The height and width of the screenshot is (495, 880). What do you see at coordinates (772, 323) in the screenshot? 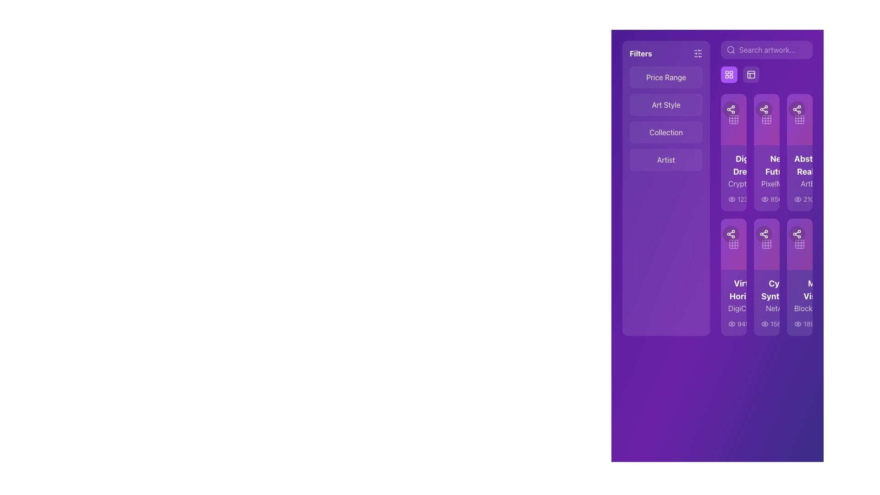
I see `the numeric text component displaying '1567' next to the eye icon, which indicates a view count` at bounding box center [772, 323].